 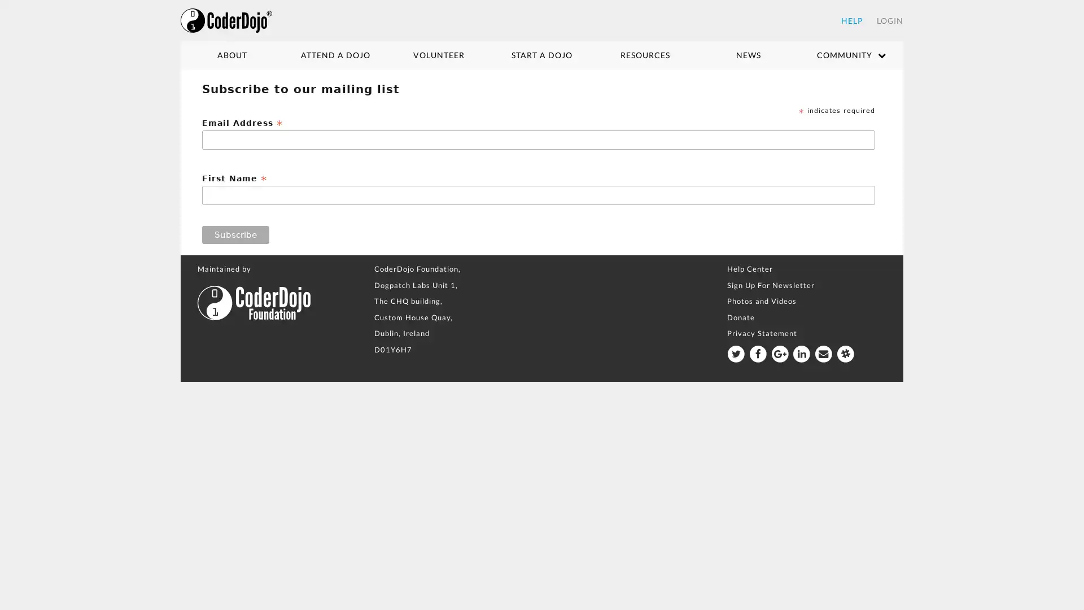 What do you see at coordinates (235, 234) in the screenshot?
I see `Subscribe` at bounding box center [235, 234].